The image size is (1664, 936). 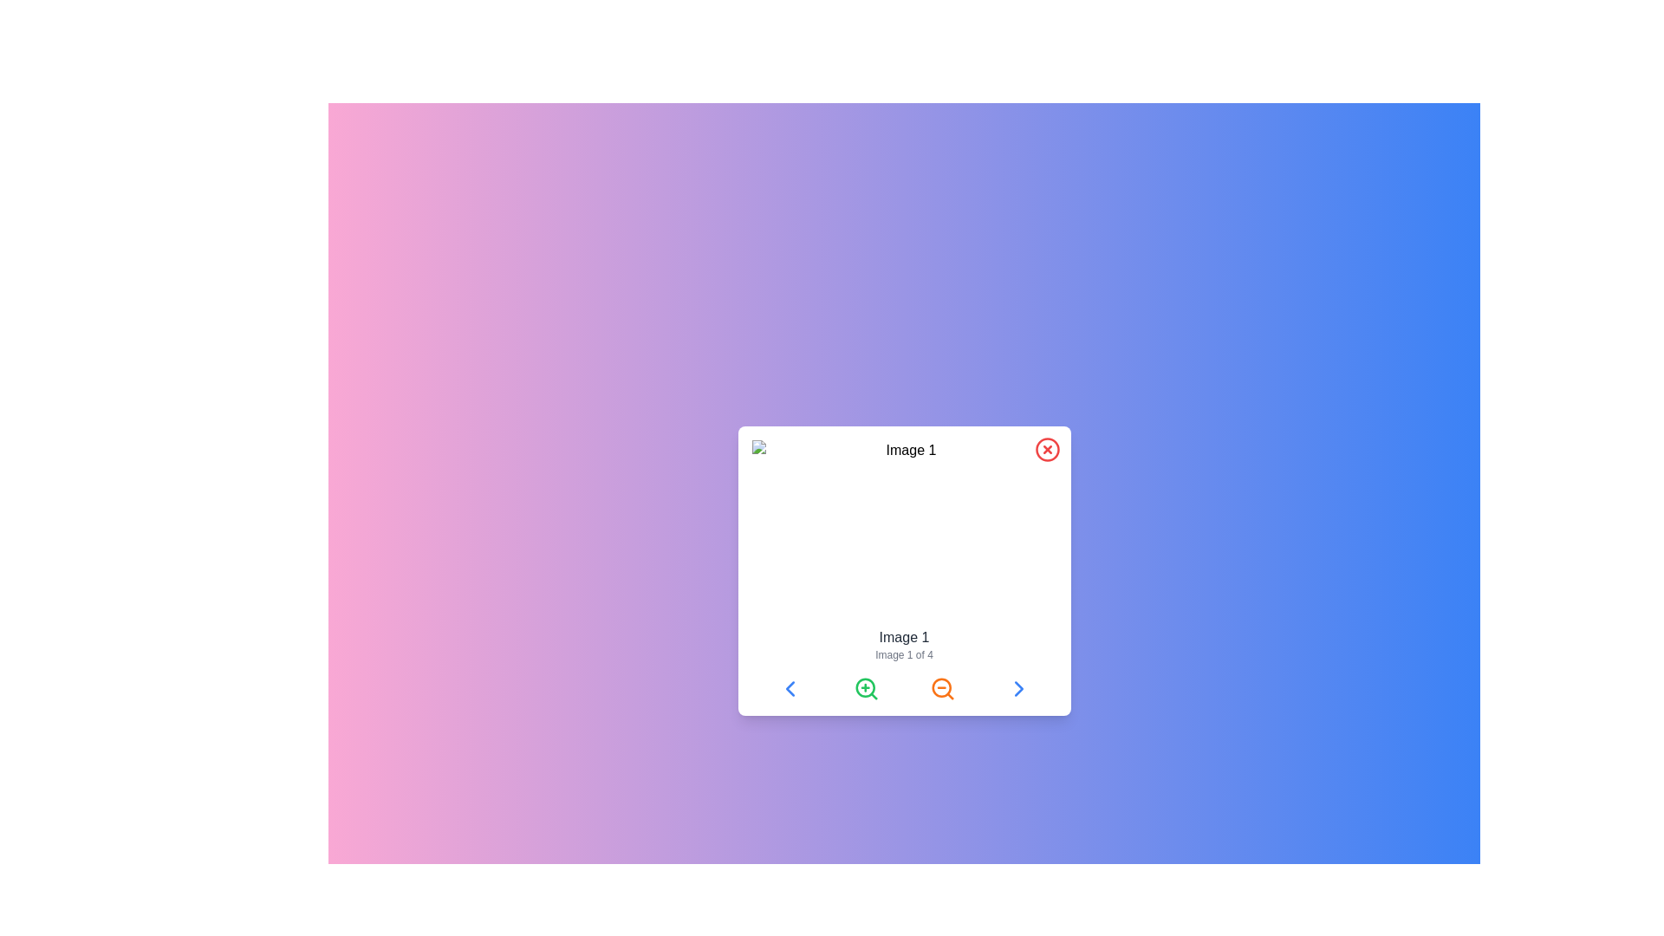 What do you see at coordinates (1018, 687) in the screenshot?
I see `the right-pointing arrow icon in the bottom-right area of the modal interface` at bounding box center [1018, 687].